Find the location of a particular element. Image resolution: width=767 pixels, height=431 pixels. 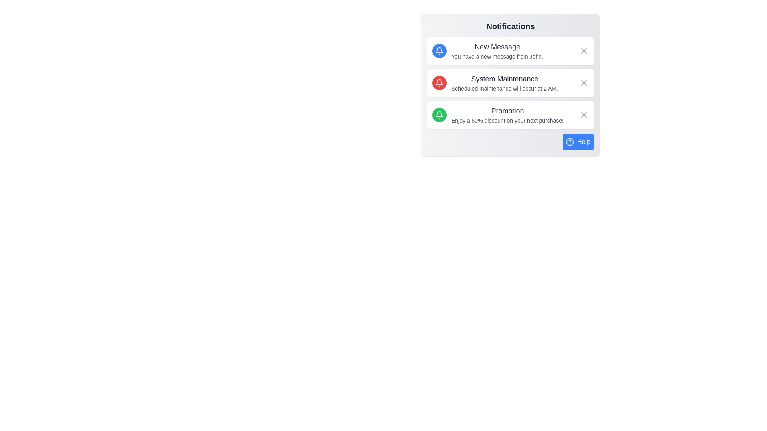

the urgent notification icon located to the left of the text 'System Maintenance' in the second notification item of the vertically arranged notification list is located at coordinates (439, 83).